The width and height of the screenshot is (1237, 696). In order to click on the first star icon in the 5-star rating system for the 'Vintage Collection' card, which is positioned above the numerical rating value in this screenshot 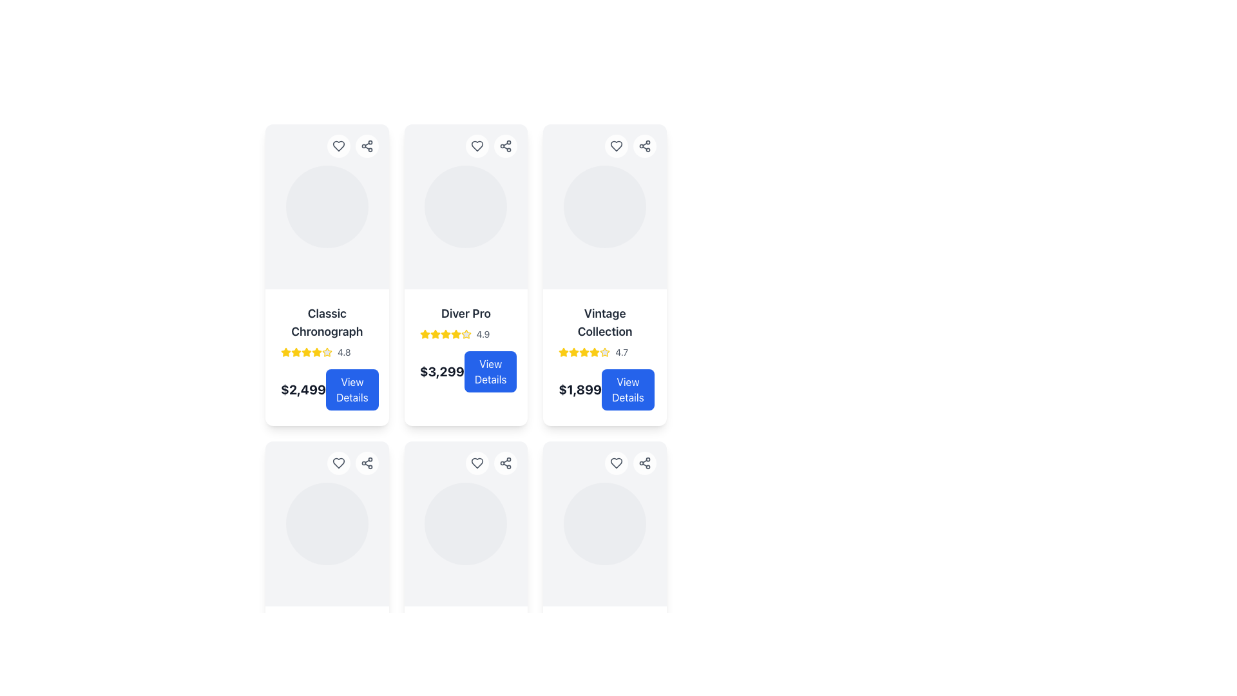, I will do `click(564, 353)`.